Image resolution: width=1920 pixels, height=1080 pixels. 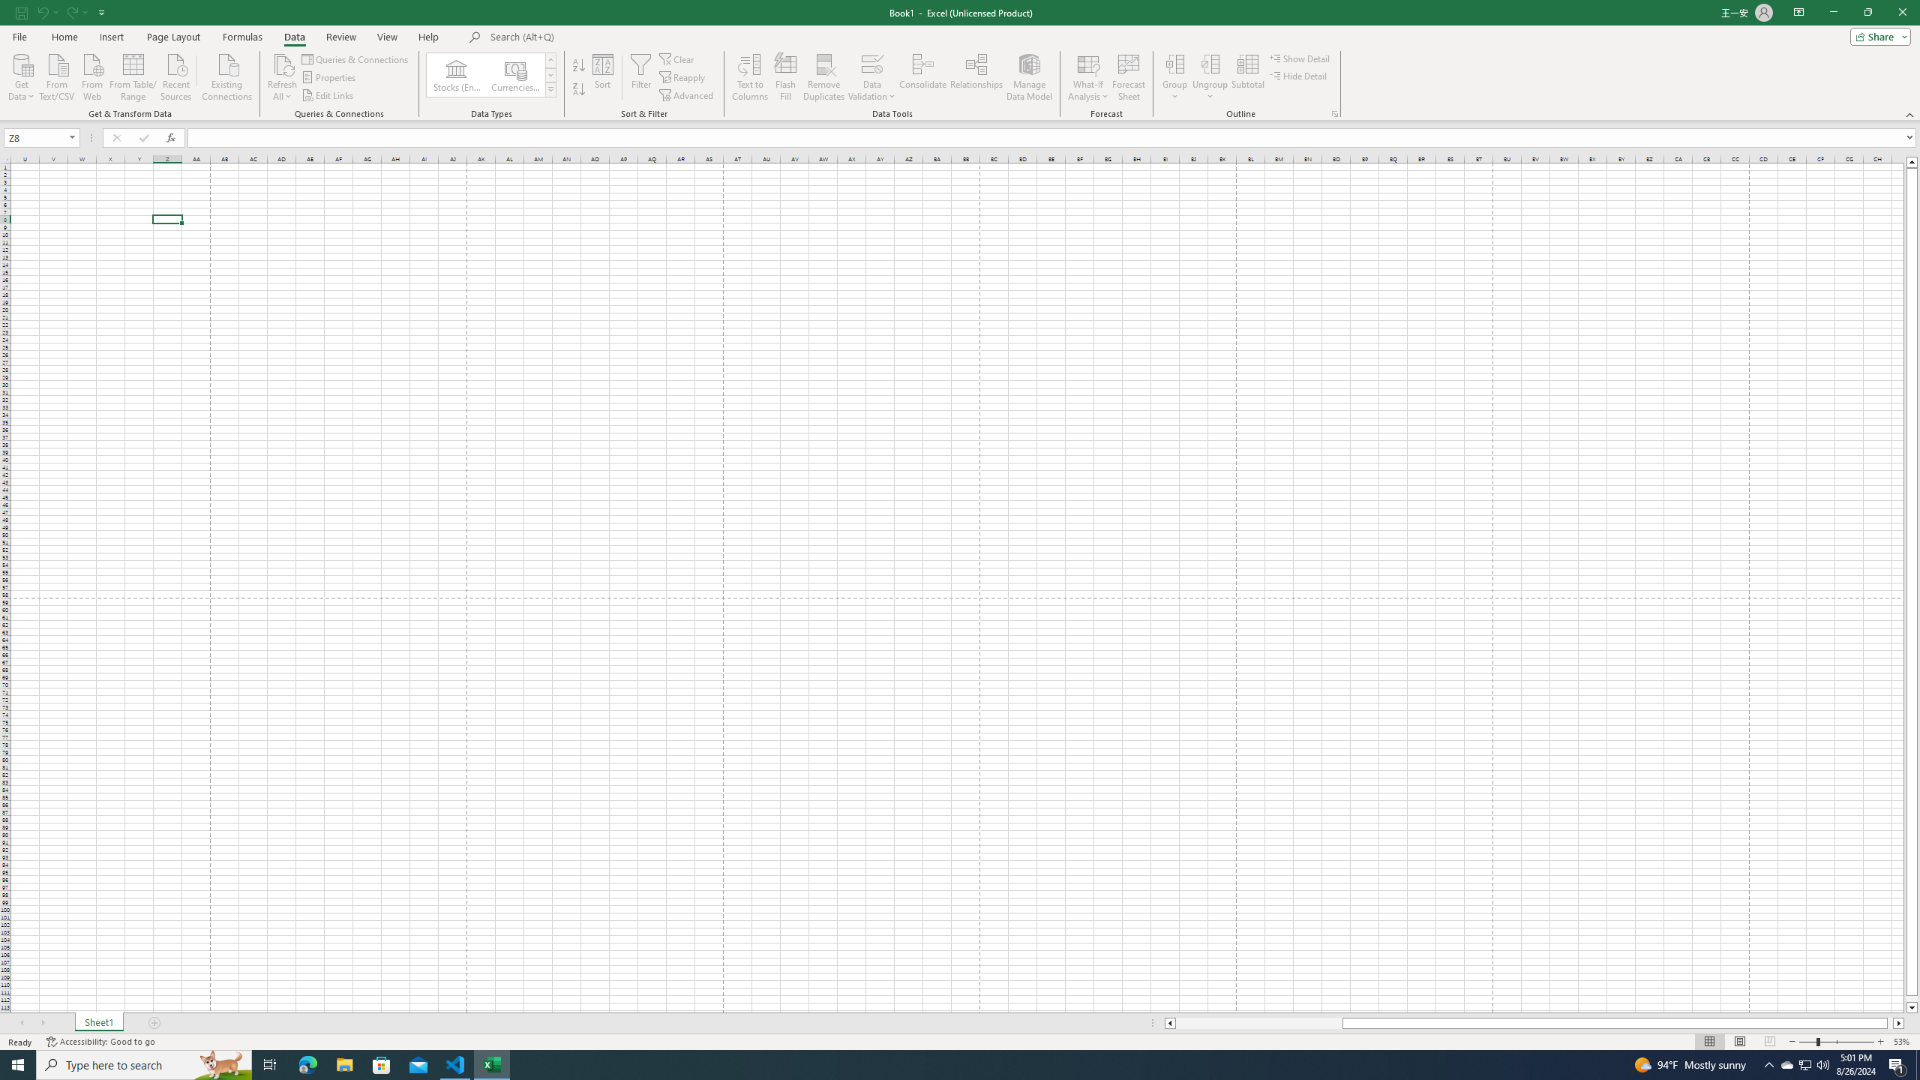 What do you see at coordinates (21, 75) in the screenshot?
I see `'Get Data'` at bounding box center [21, 75].